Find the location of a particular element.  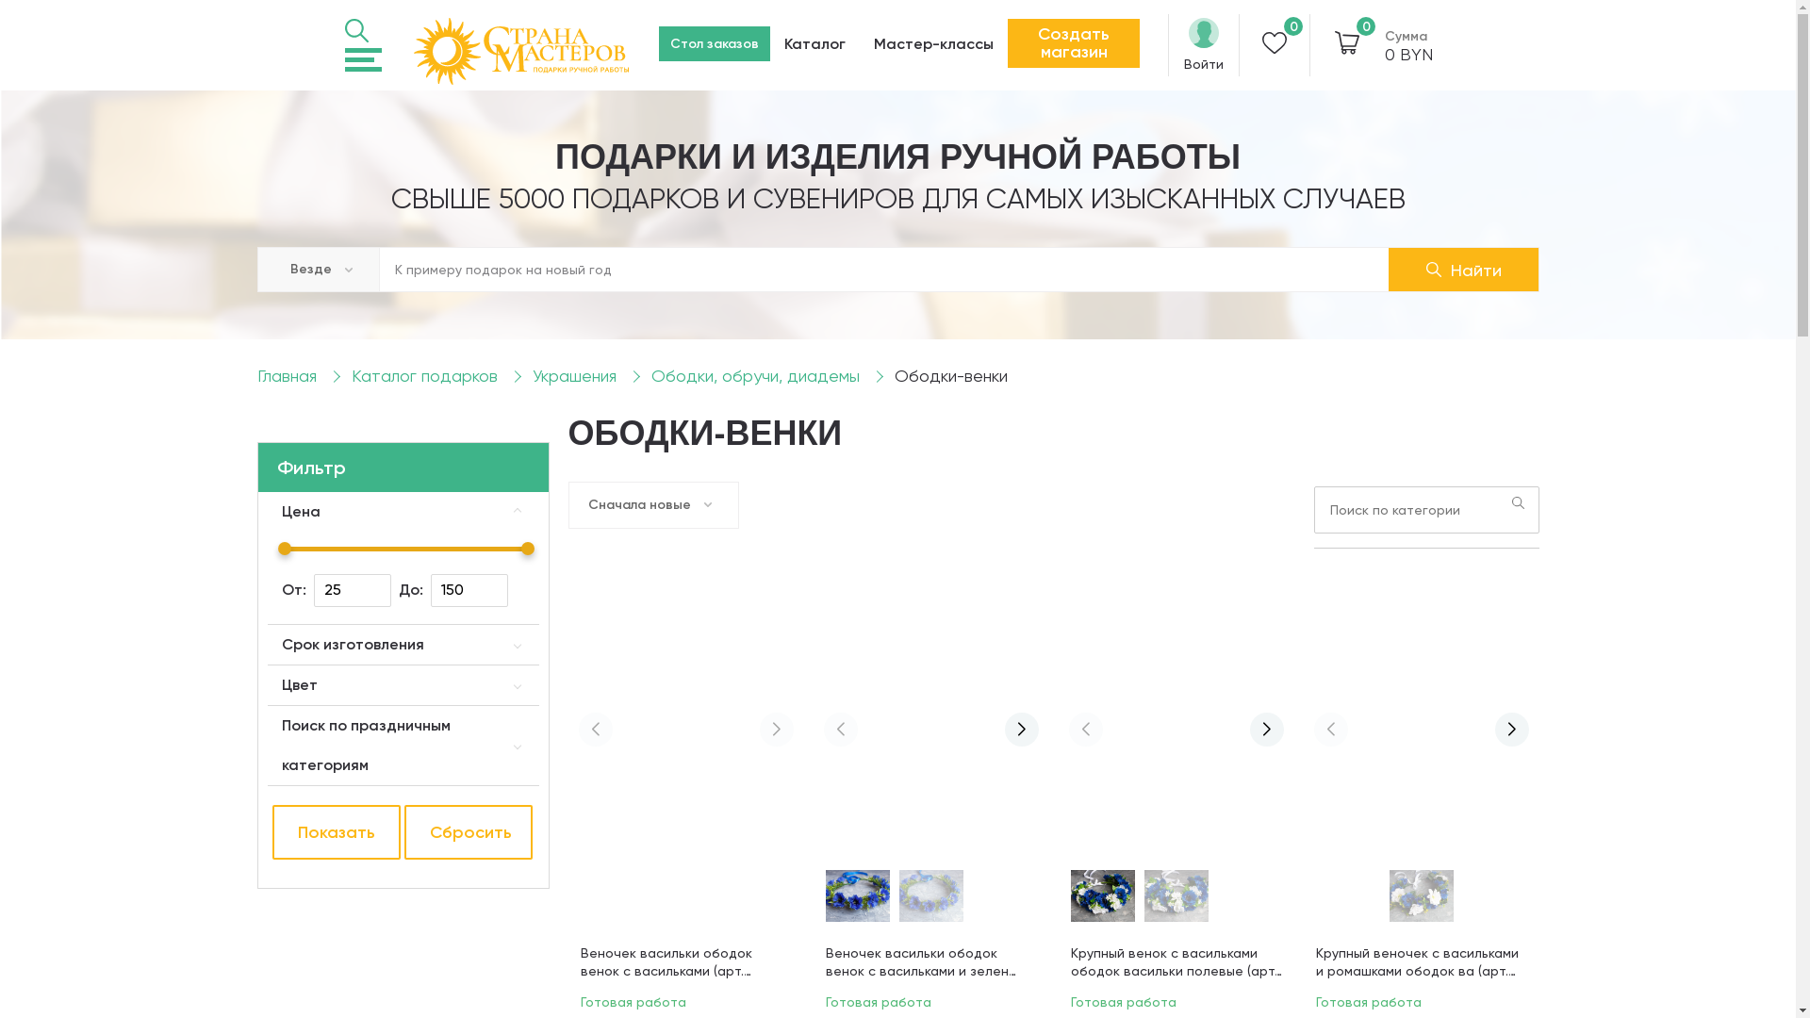

'0' is located at coordinates (1275, 43).